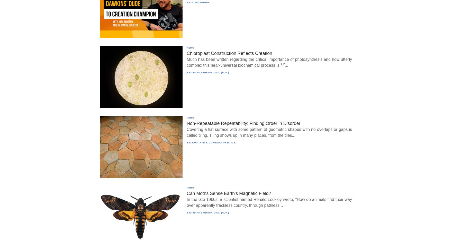  I want to click on 'Chloroplast Construction Reflects Creation', so click(229, 53).